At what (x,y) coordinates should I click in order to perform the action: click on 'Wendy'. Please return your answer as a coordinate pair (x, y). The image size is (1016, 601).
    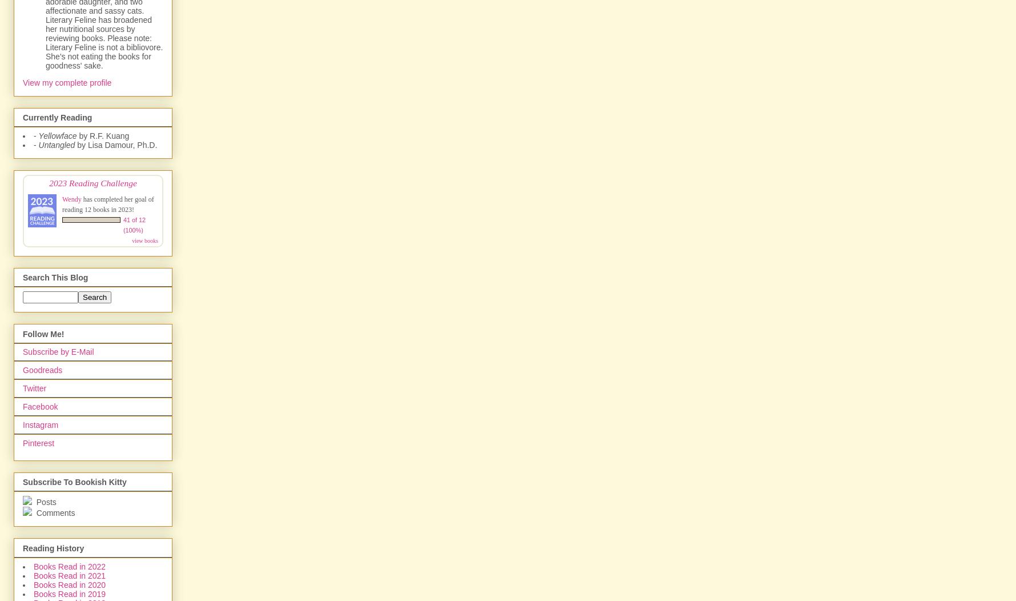
    Looking at the image, I should click on (71, 198).